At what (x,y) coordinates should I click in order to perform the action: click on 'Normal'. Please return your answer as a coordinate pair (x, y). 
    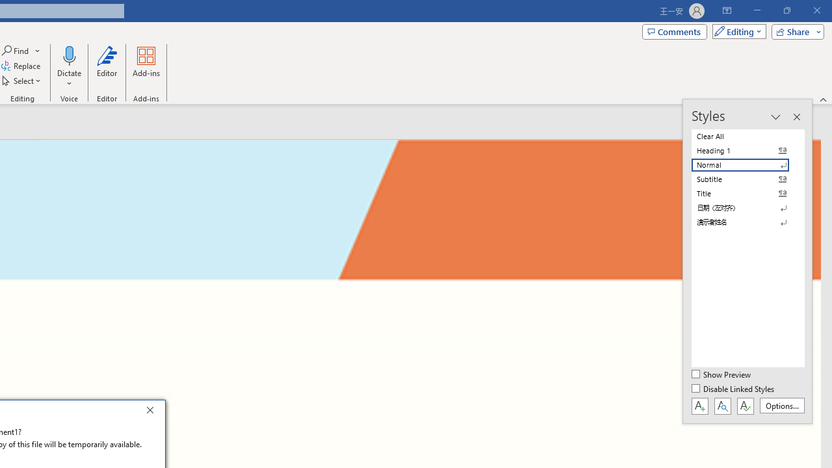
    Looking at the image, I should click on (747, 164).